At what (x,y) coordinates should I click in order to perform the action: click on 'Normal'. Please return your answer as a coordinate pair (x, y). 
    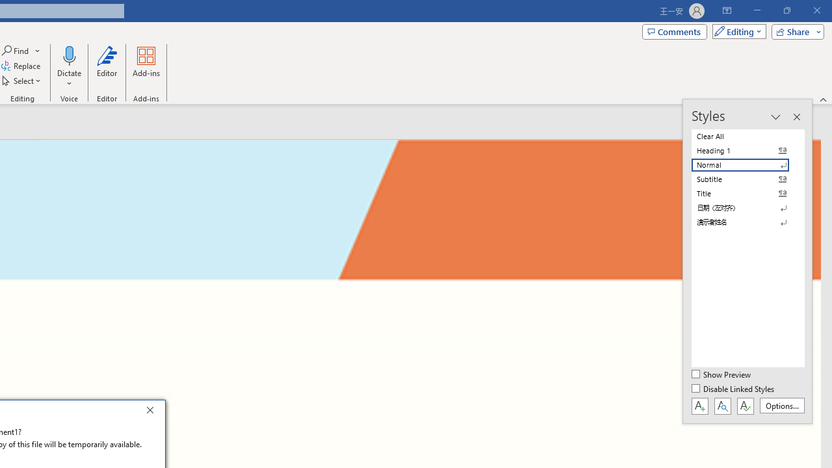
    Looking at the image, I should click on (747, 164).